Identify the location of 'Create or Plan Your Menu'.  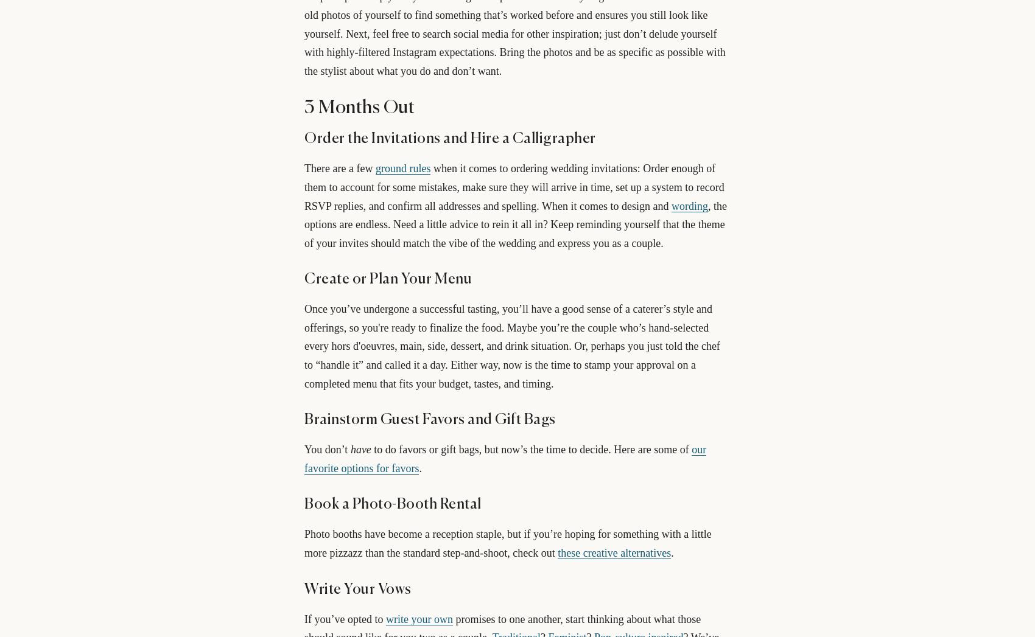
(387, 279).